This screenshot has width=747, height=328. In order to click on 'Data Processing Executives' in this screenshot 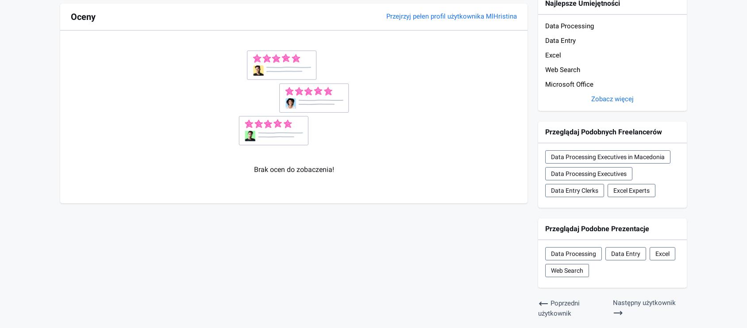, I will do `click(551, 172)`.